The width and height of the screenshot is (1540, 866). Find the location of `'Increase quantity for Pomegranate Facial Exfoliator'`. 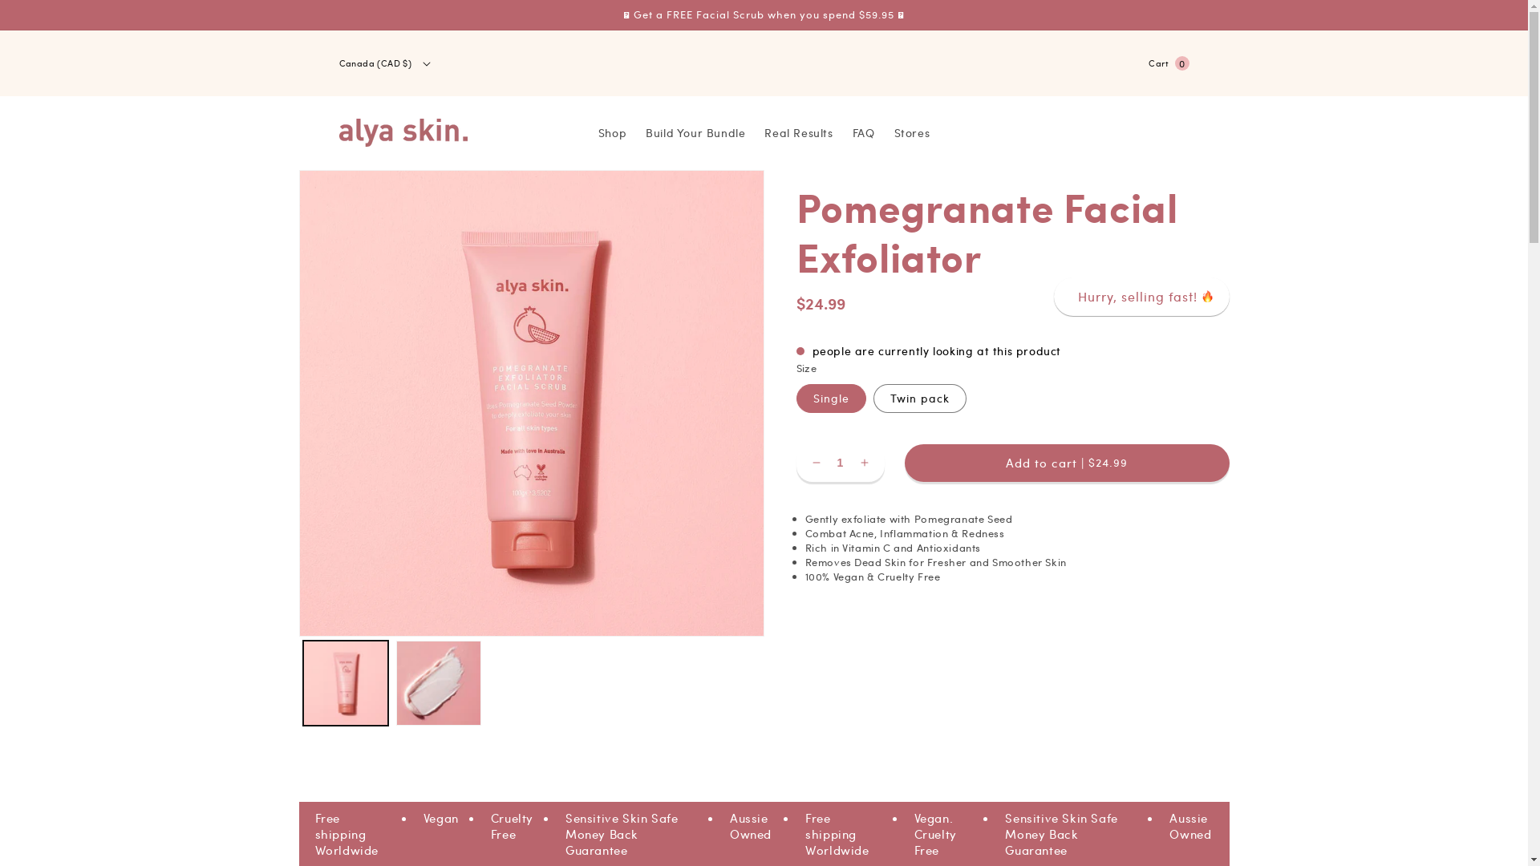

'Increase quantity for Pomegranate Facial Exfoliator' is located at coordinates (862, 463).